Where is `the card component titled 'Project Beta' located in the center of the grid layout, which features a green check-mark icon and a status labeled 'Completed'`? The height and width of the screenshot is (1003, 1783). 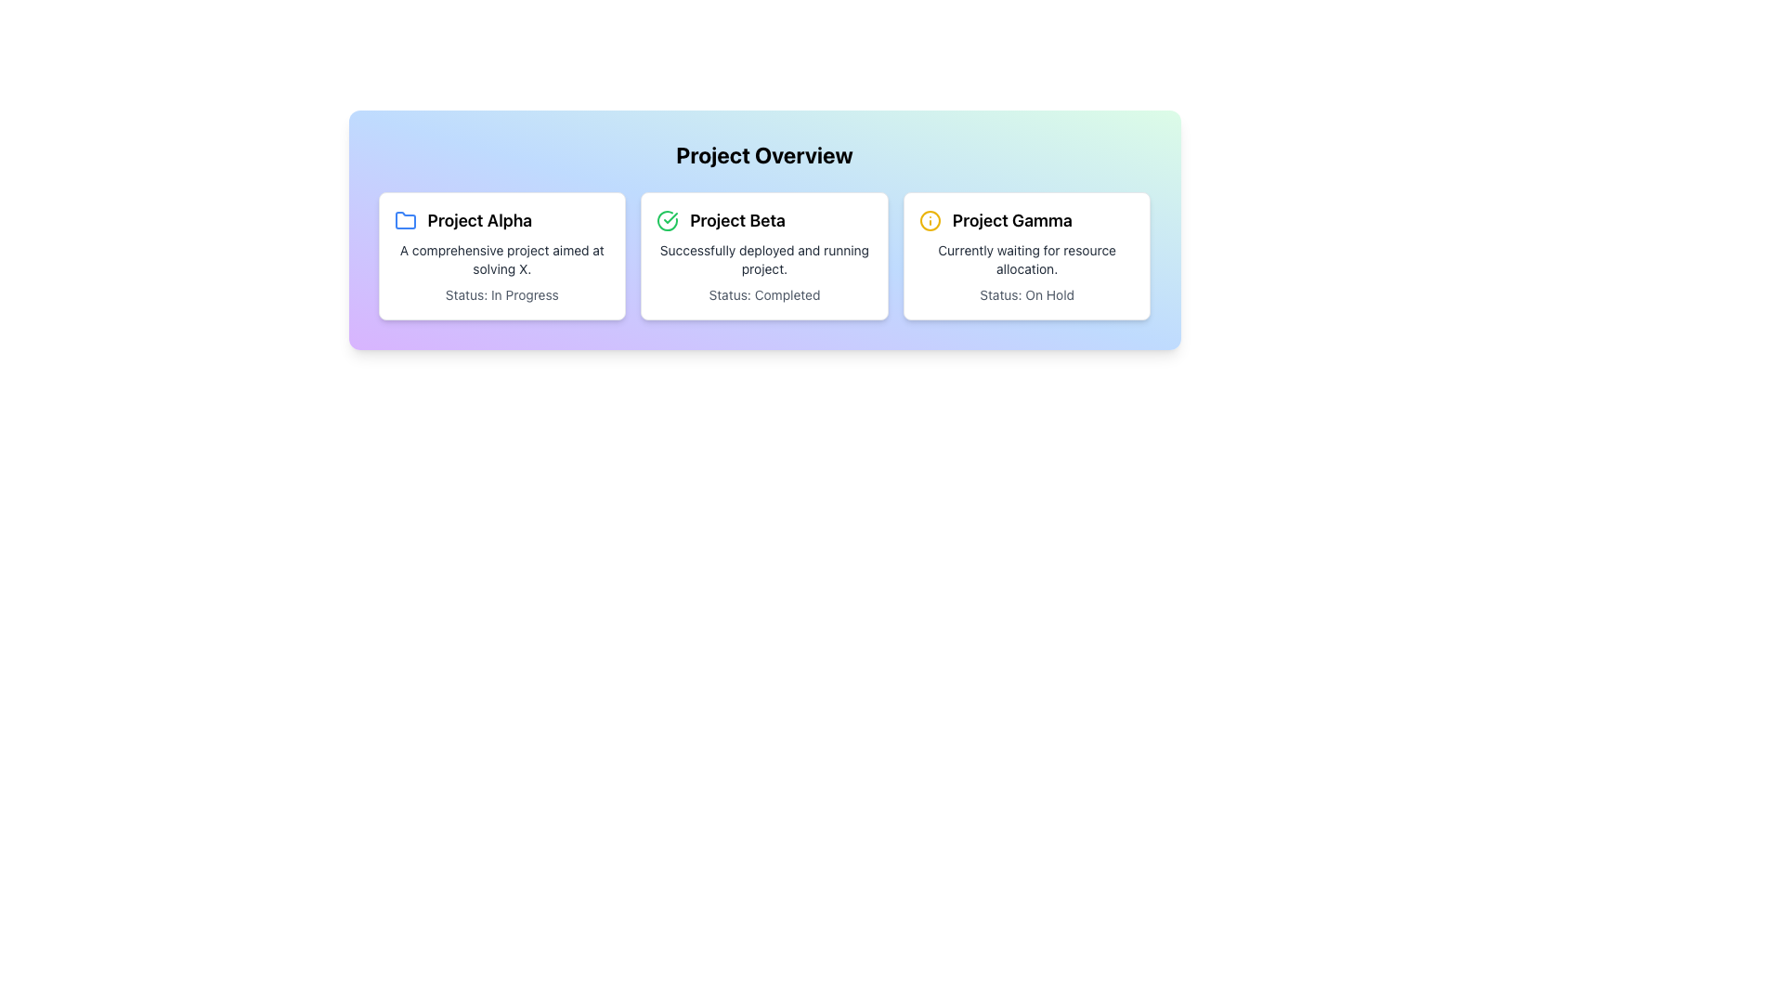
the card component titled 'Project Beta' located in the center of the grid layout, which features a green check-mark icon and a status labeled 'Completed' is located at coordinates (764, 228).